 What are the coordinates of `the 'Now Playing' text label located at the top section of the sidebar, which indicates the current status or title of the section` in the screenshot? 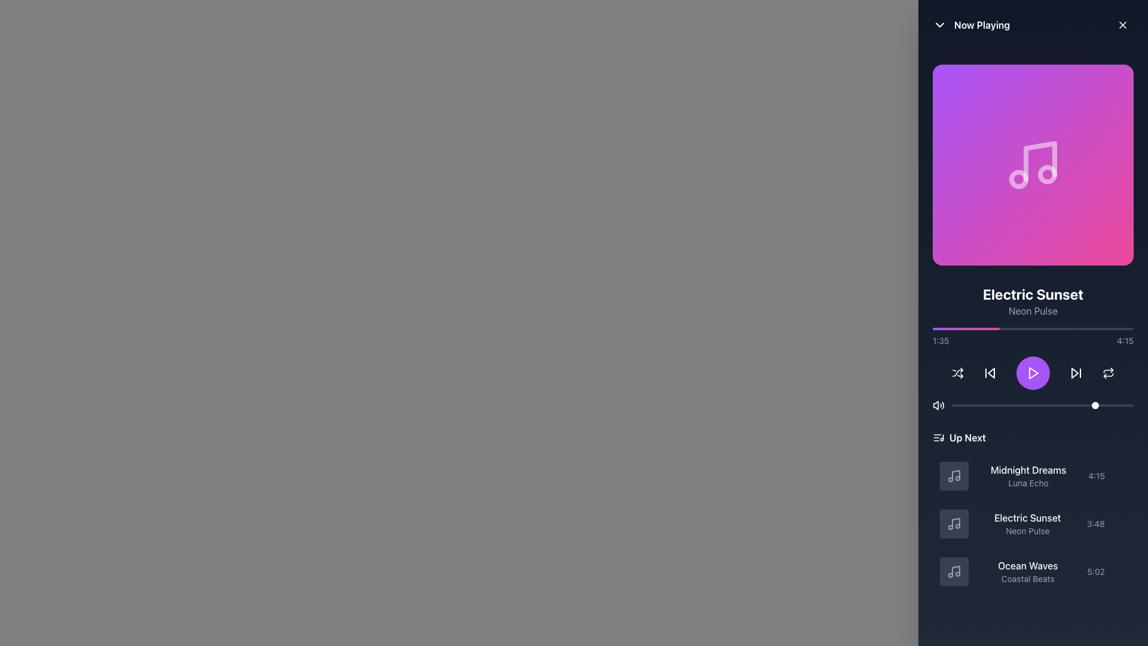 It's located at (982, 25).